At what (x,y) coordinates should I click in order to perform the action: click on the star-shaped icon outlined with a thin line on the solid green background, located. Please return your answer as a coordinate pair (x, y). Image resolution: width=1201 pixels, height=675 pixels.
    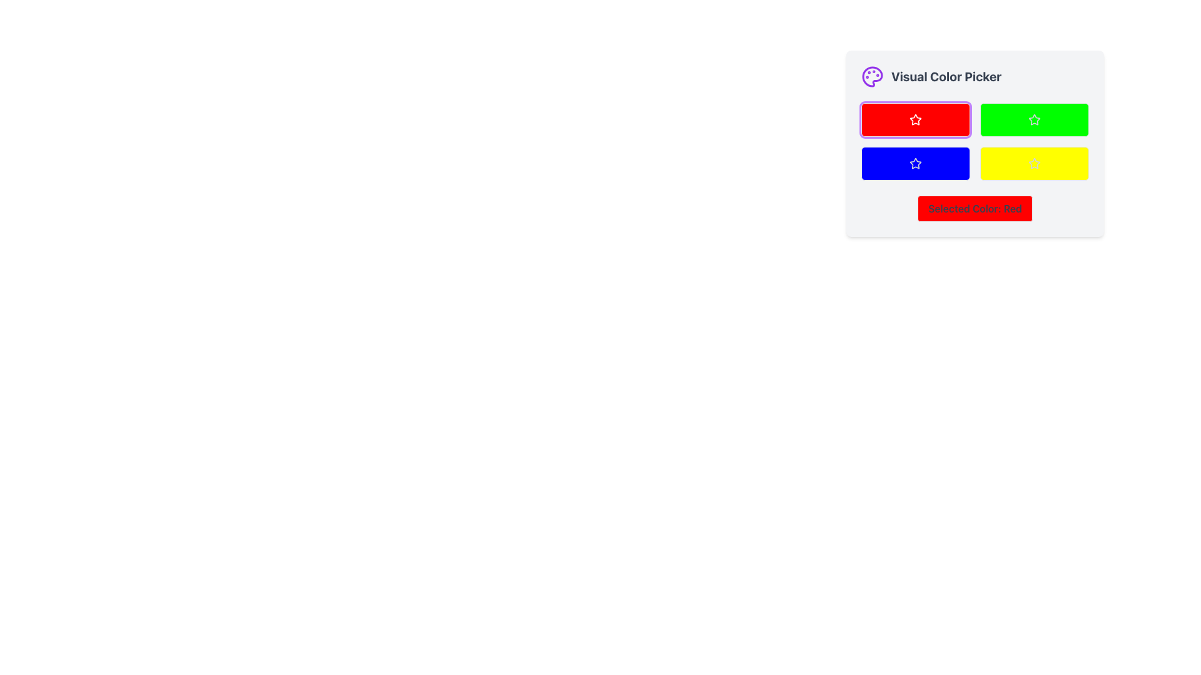
    Looking at the image, I should click on (1033, 119).